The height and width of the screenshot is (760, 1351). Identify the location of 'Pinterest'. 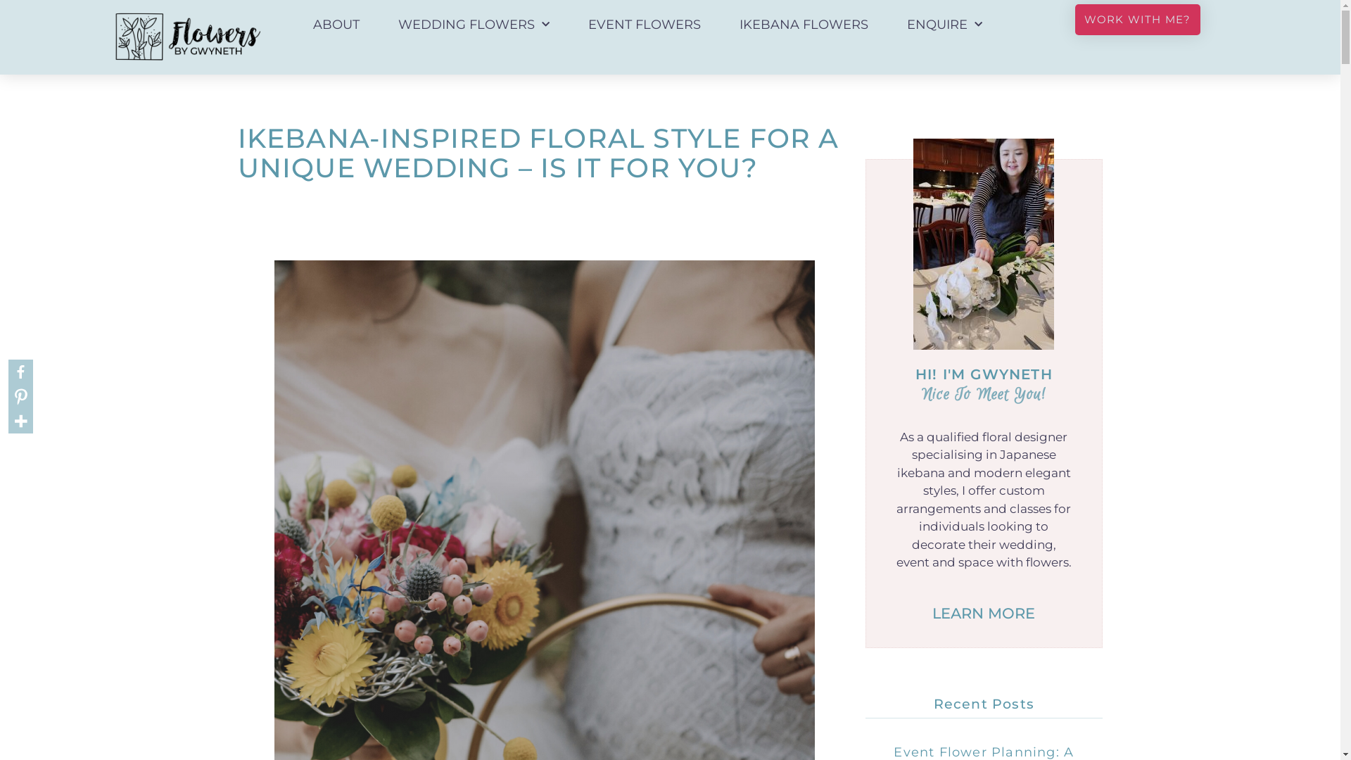
(20, 396).